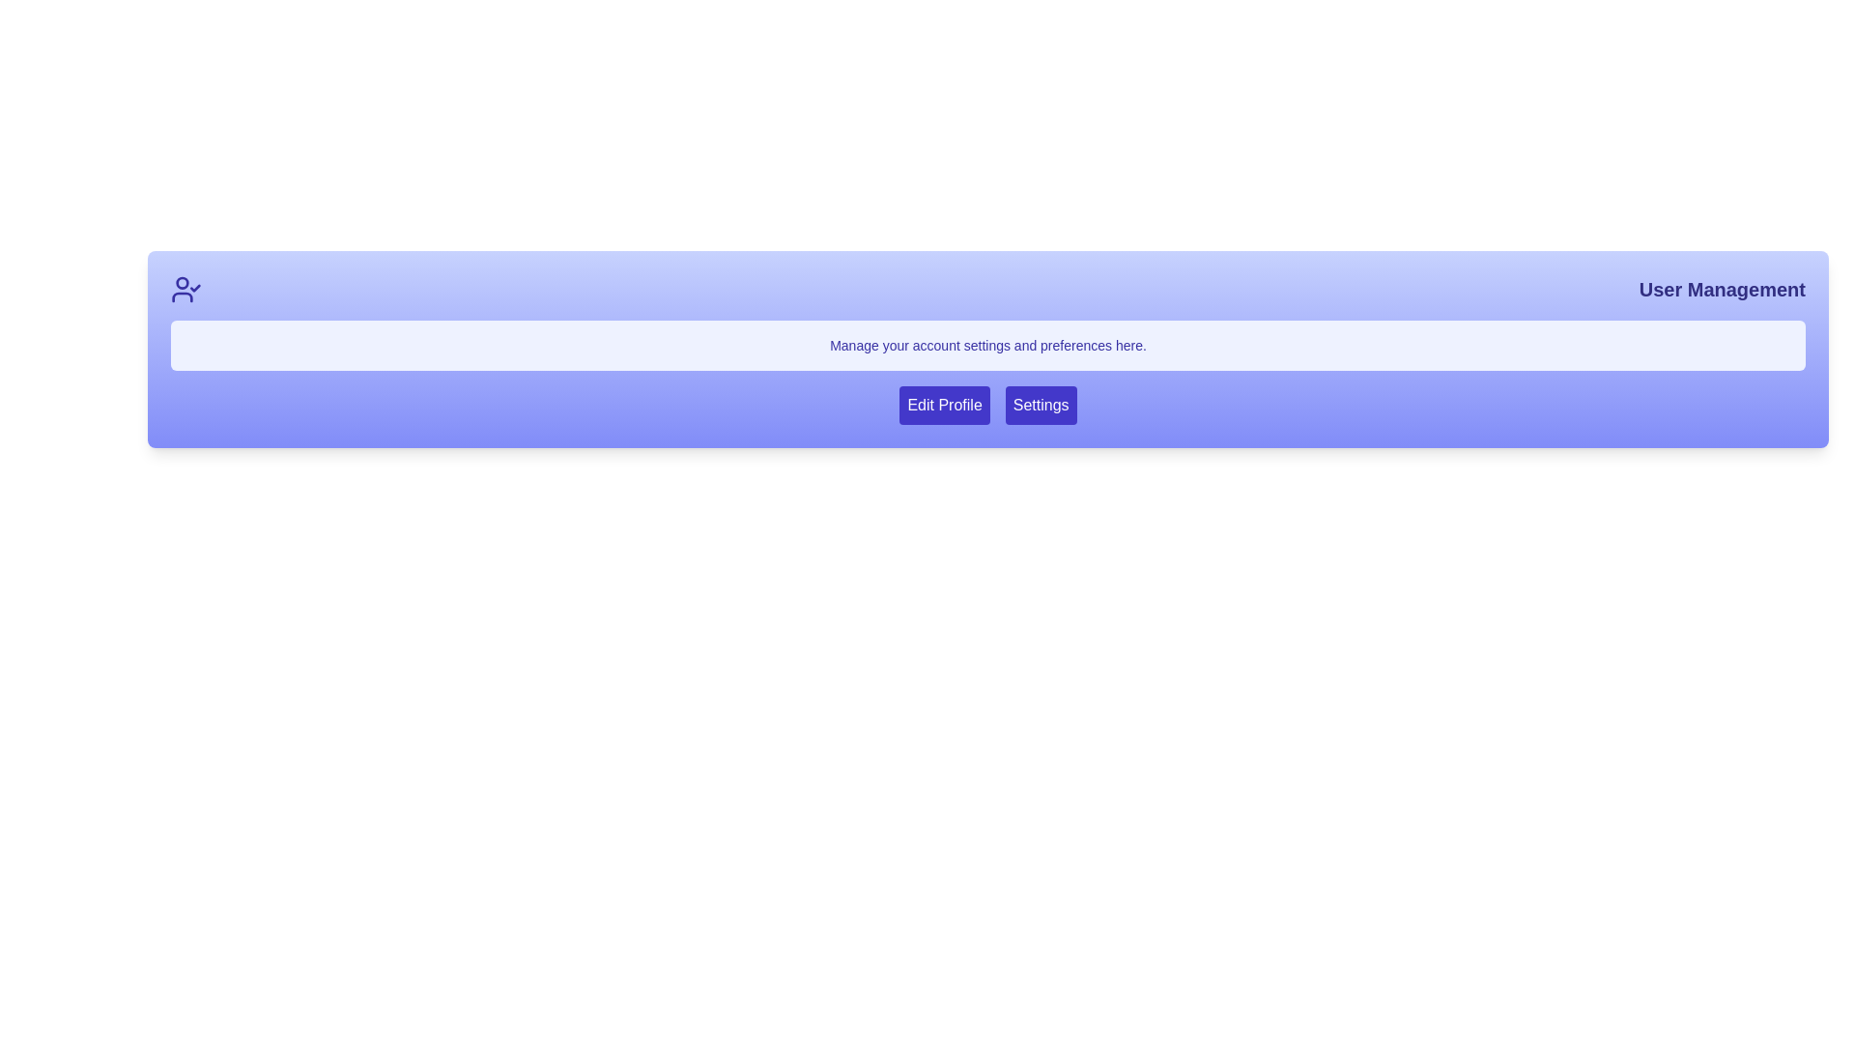 This screenshot has width=1855, height=1043. What do you see at coordinates (945, 405) in the screenshot?
I see `the user profile editing button located at the bottom of the 'User Management' section` at bounding box center [945, 405].